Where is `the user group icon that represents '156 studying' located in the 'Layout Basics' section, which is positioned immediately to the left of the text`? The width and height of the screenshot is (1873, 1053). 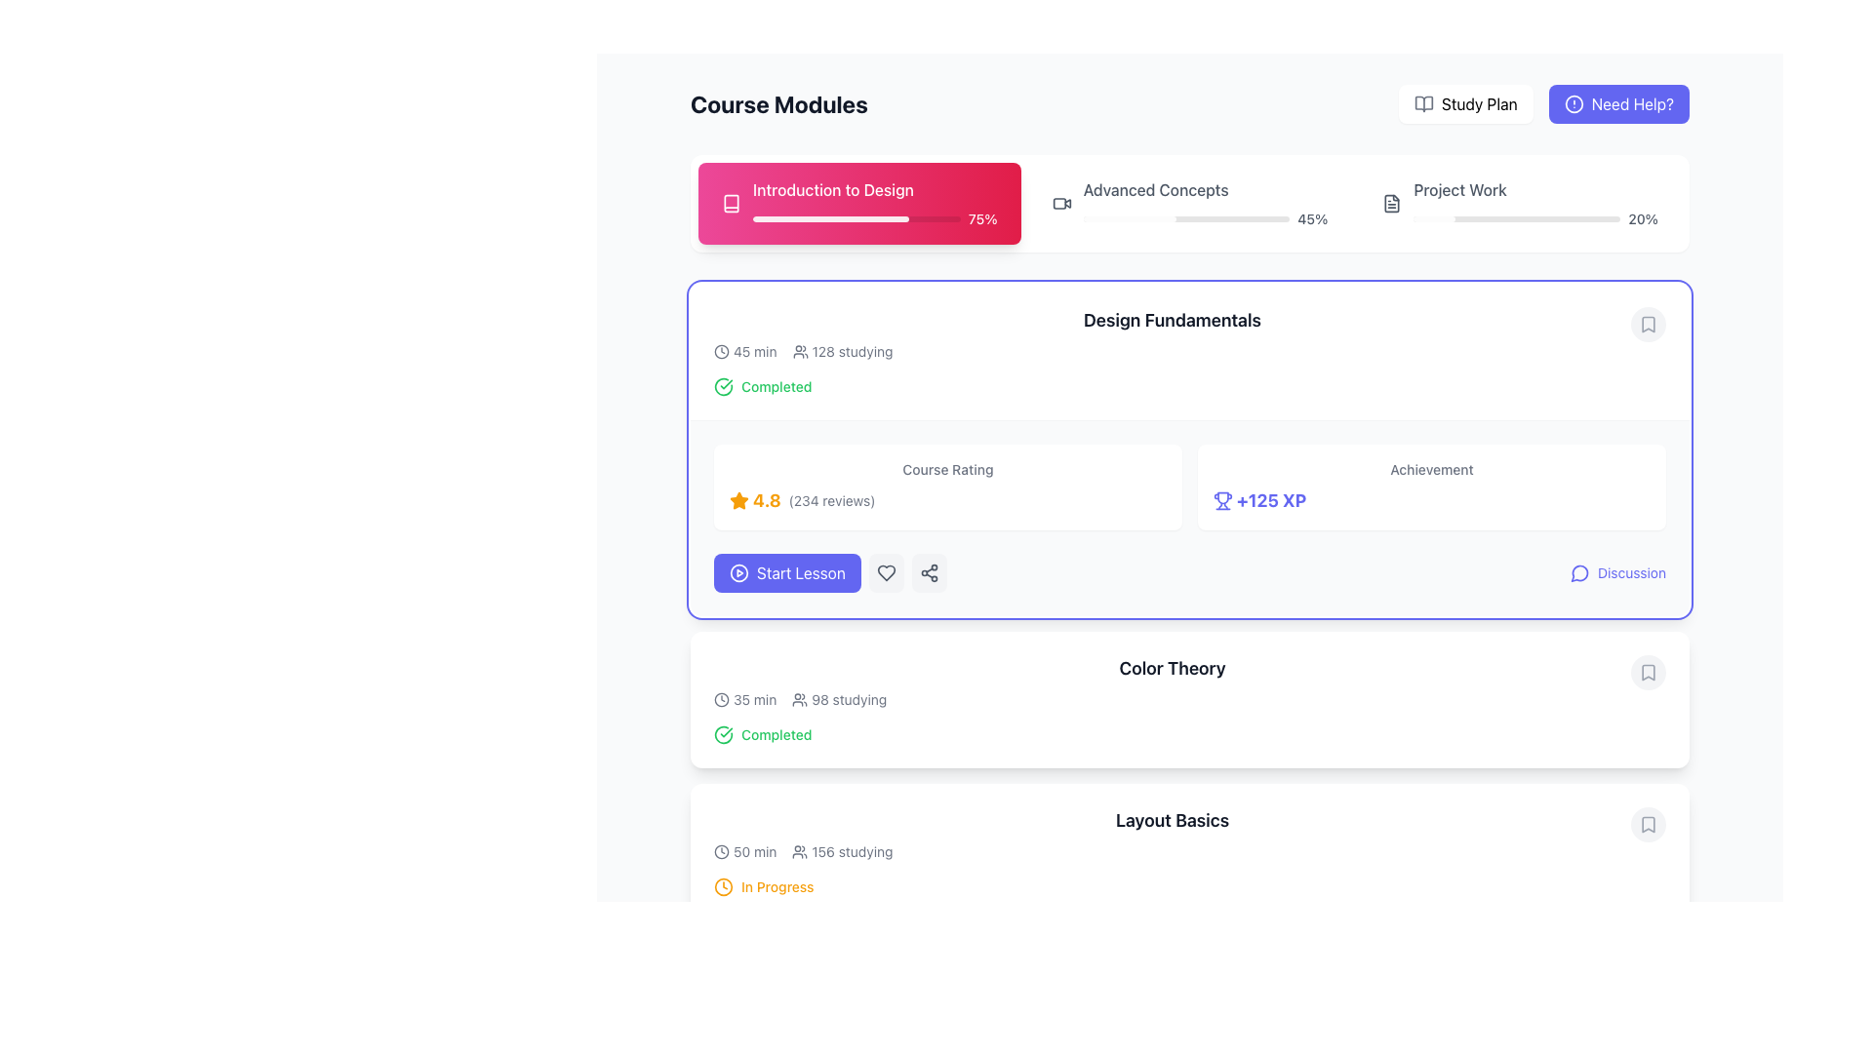
the user group icon that represents '156 studying' located in the 'Layout Basics' section, which is positioned immediately to the left of the text is located at coordinates (800, 851).